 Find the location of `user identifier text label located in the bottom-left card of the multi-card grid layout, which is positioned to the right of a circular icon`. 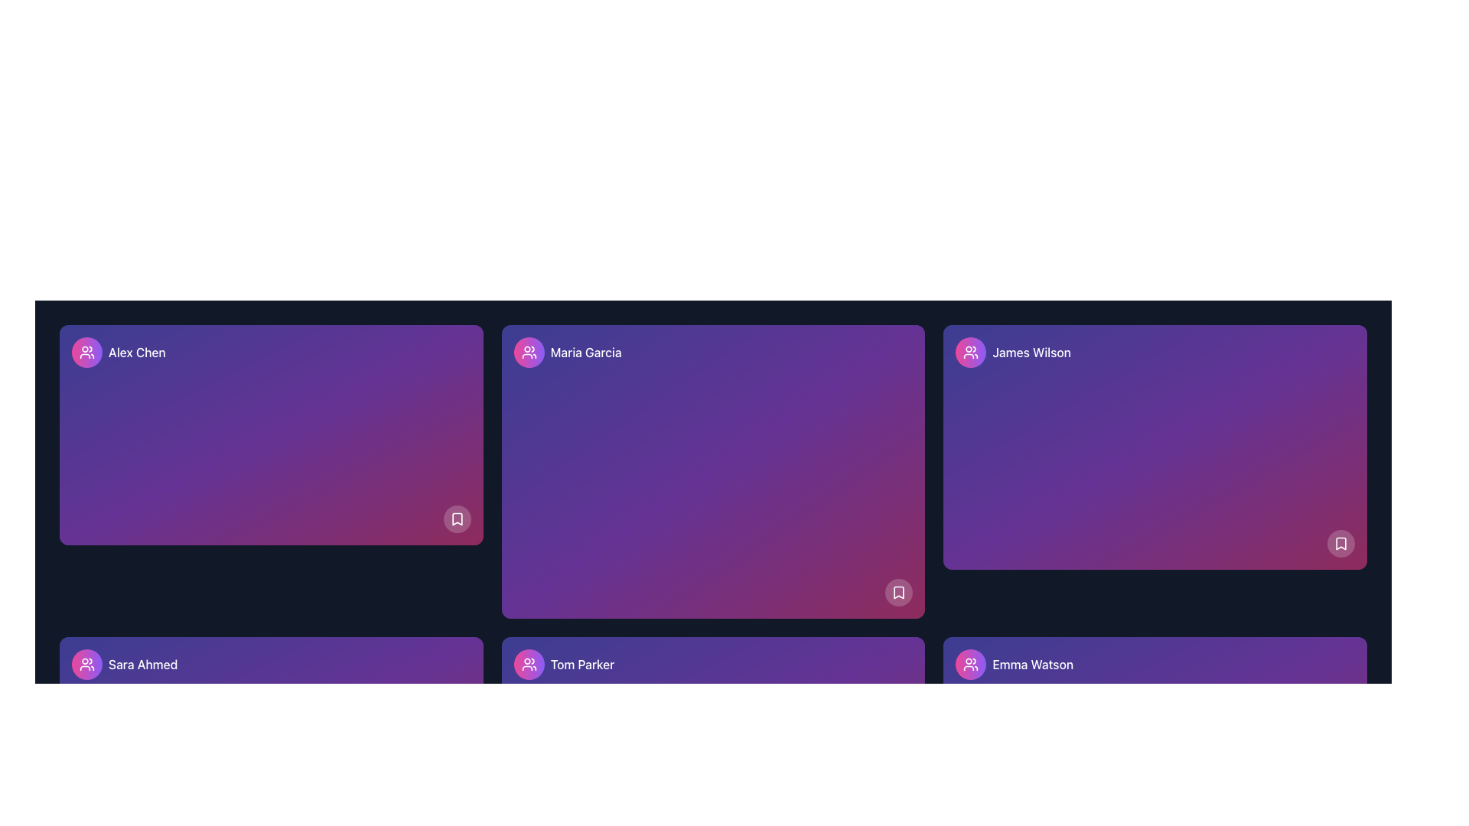

user identifier text label located in the bottom-left card of the multi-card grid layout, which is positioned to the right of a circular icon is located at coordinates (143, 663).